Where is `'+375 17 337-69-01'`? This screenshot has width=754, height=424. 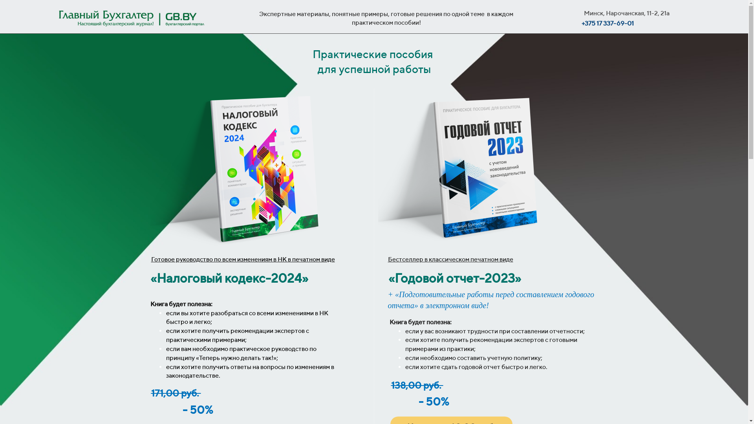
'+375 17 337-69-01' is located at coordinates (582, 23).